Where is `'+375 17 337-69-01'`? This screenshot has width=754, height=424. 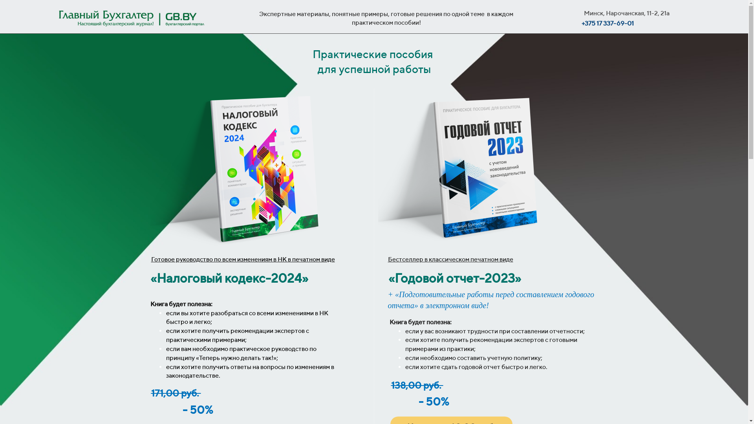
'+375 17 337-69-01' is located at coordinates (582, 23).